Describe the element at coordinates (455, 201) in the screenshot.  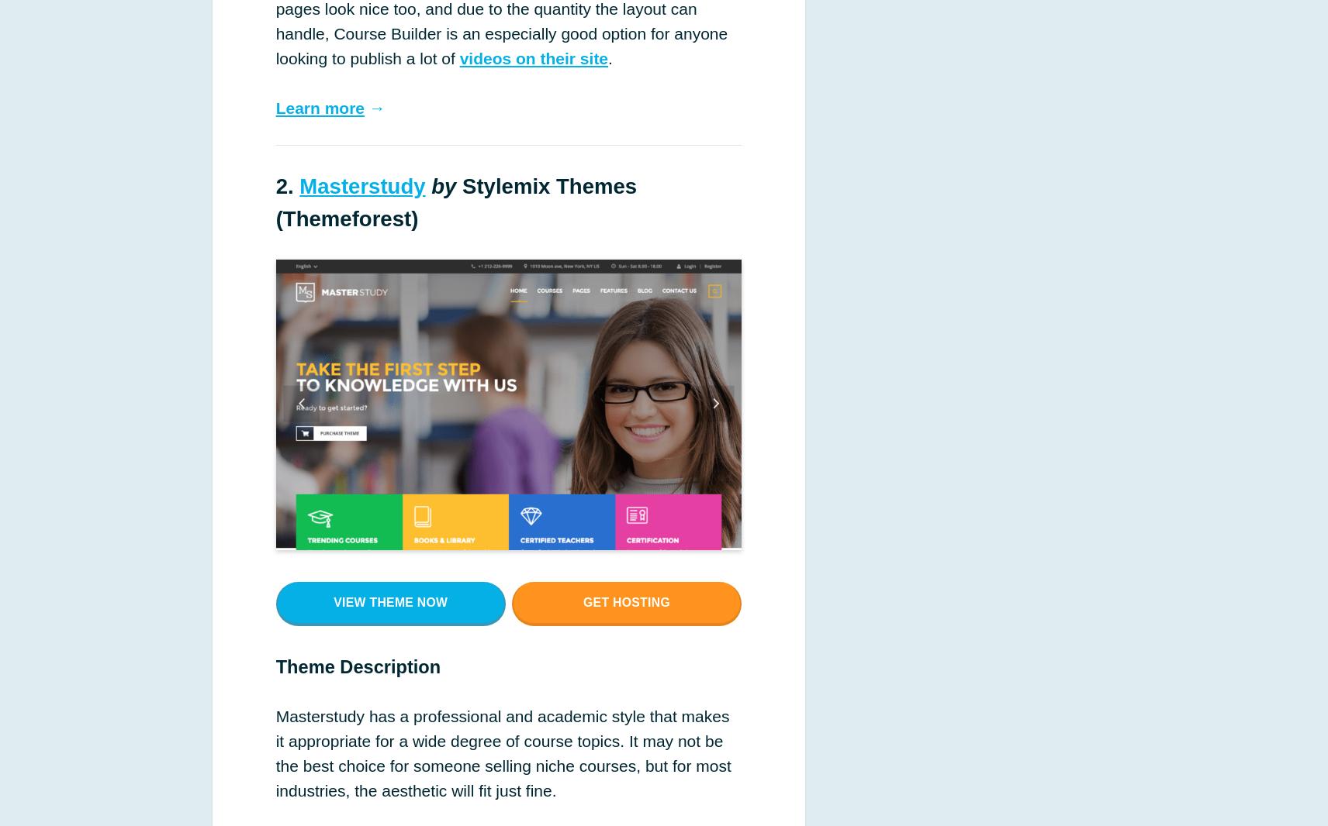
I see `'Stylemix Themes (Themeforest)'` at that location.